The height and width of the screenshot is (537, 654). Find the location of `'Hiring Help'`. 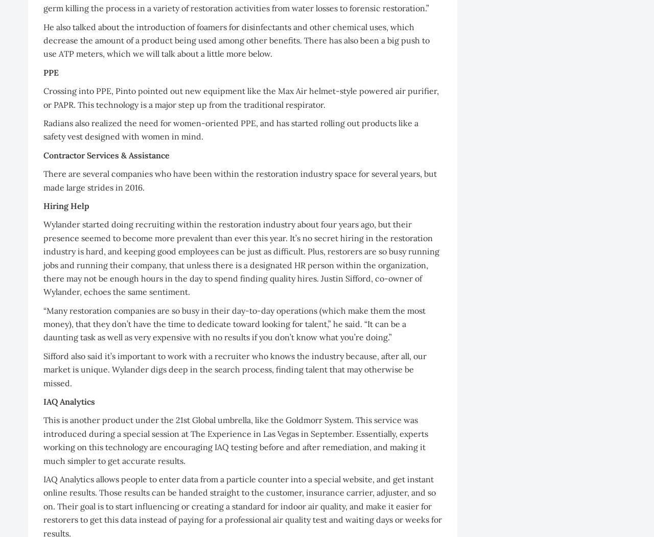

'Hiring Help' is located at coordinates (66, 205).